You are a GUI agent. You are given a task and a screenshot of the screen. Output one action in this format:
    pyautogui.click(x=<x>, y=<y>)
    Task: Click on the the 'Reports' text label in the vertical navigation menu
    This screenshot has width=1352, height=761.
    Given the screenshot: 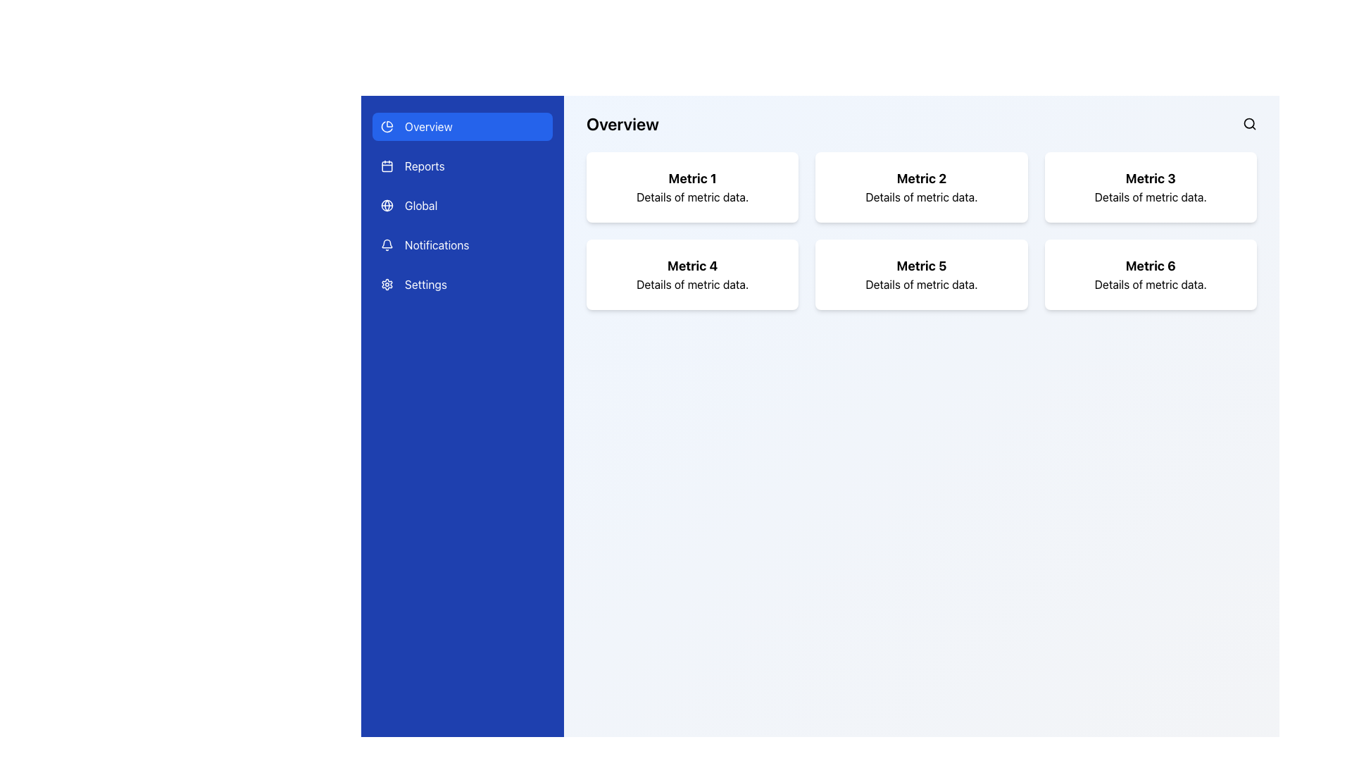 What is the action you would take?
    pyautogui.click(x=424, y=165)
    